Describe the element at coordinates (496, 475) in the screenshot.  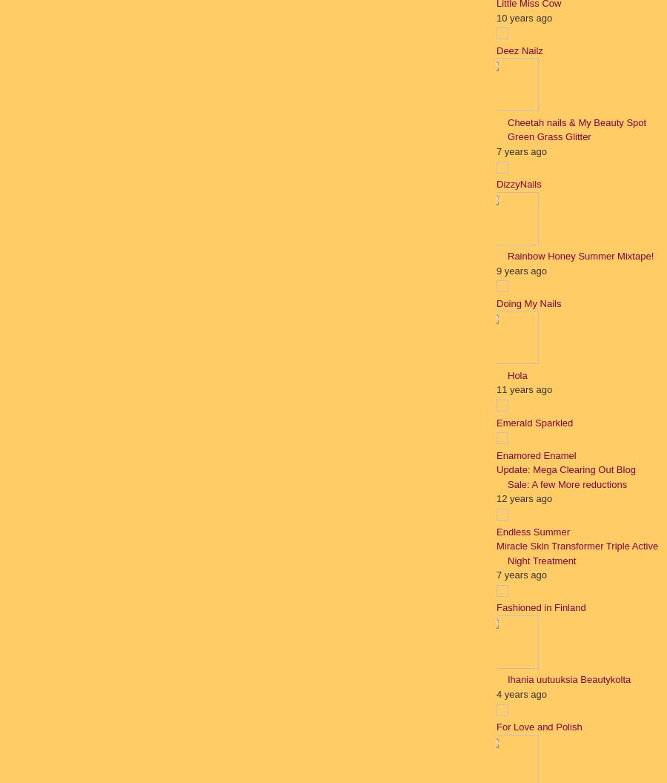
I see `'Update: Mega Clearing Out Blog Sale: A few More reductions'` at that location.